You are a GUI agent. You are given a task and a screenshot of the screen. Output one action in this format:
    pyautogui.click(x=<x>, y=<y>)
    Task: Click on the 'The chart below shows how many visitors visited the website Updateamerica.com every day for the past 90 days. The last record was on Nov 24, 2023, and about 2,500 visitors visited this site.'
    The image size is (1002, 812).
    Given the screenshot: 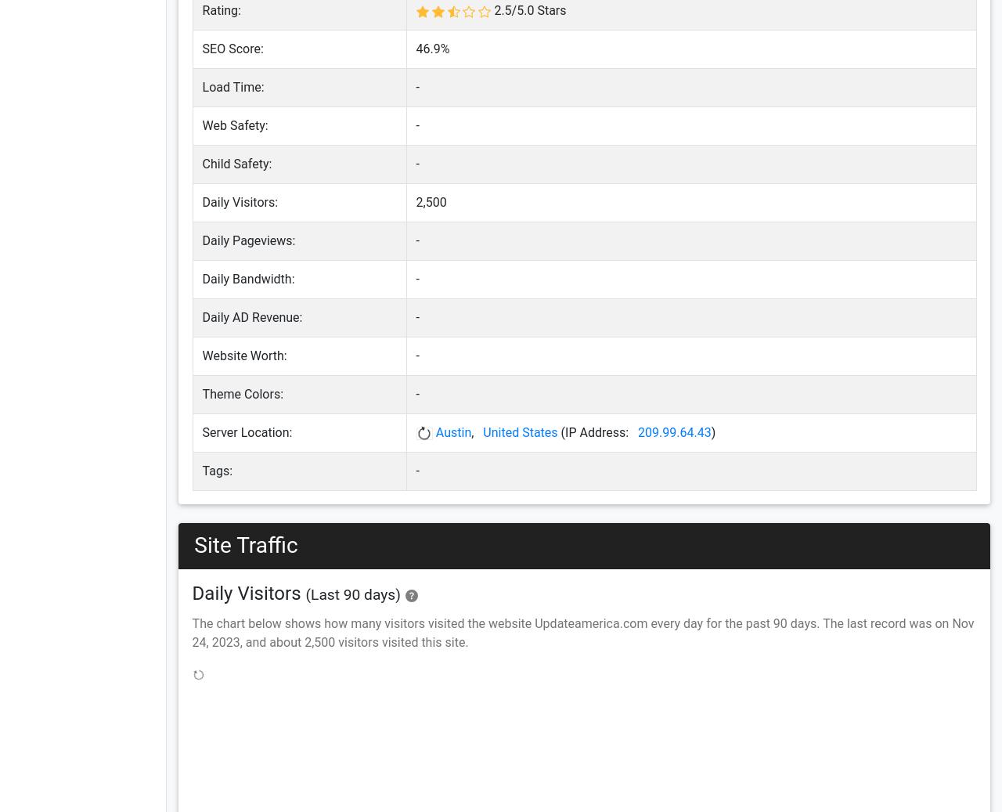 What is the action you would take?
    pyautogui.click(x=190, y=632)
    